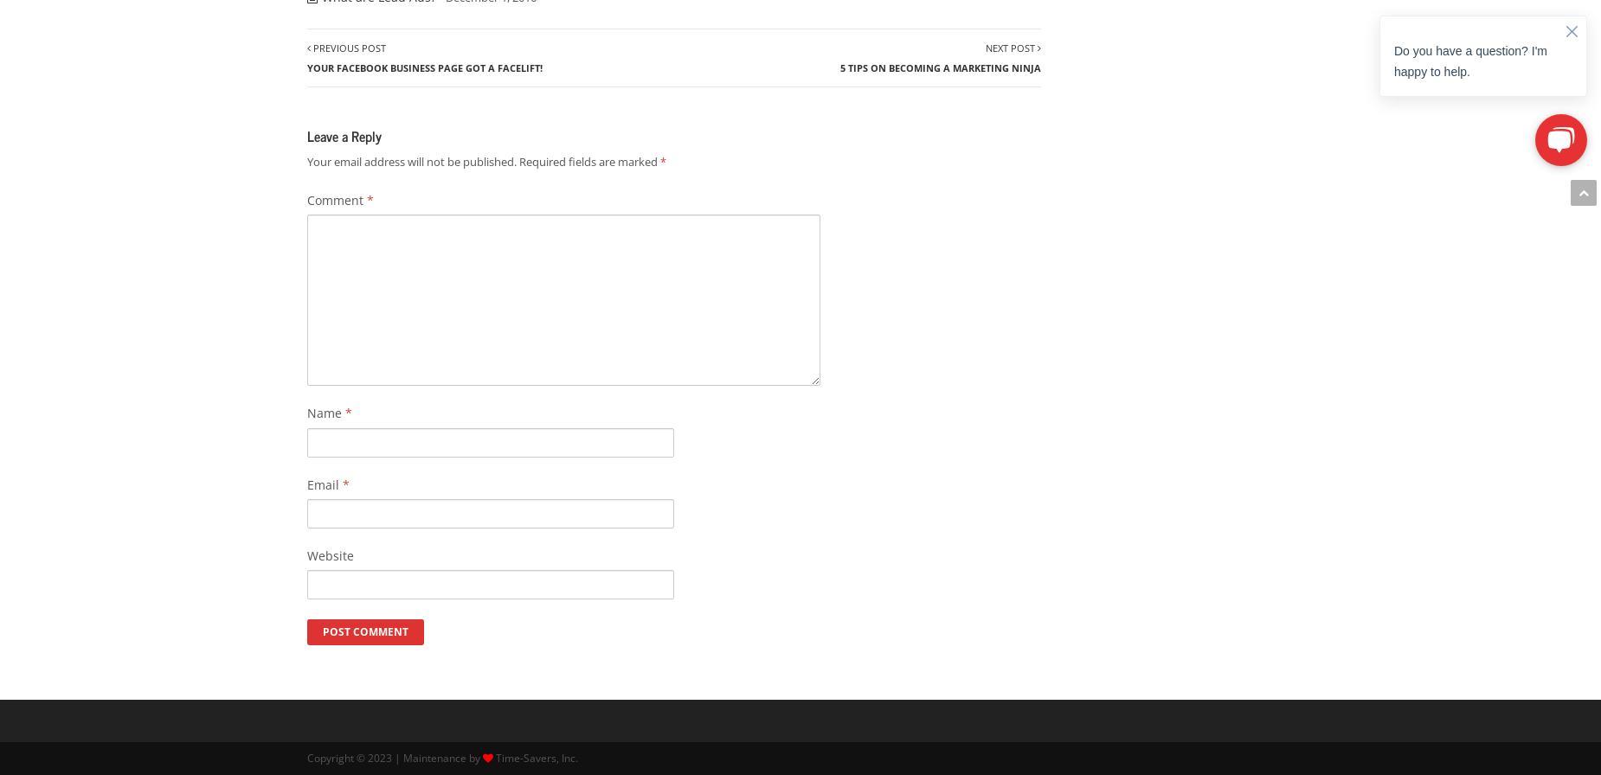 The height and width of the screenshot is (775, 1601). Describe the element at coordinates (536, 758) in the screenshot. I see `'Time-Savers, Inc.'` at that location.